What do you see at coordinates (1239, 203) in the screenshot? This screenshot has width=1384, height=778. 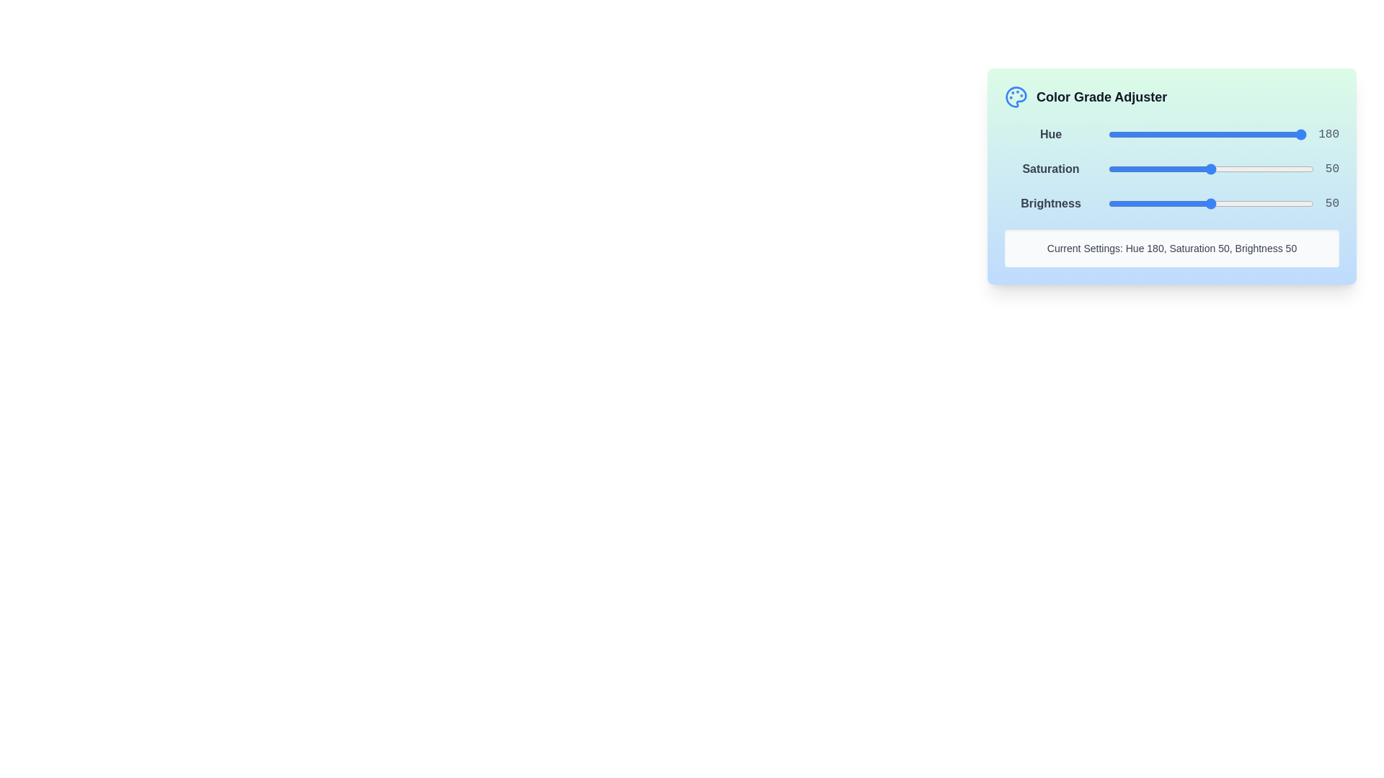 I see `the brightness slider to set the brightness to 64%` at bounding box center [1239, 203].